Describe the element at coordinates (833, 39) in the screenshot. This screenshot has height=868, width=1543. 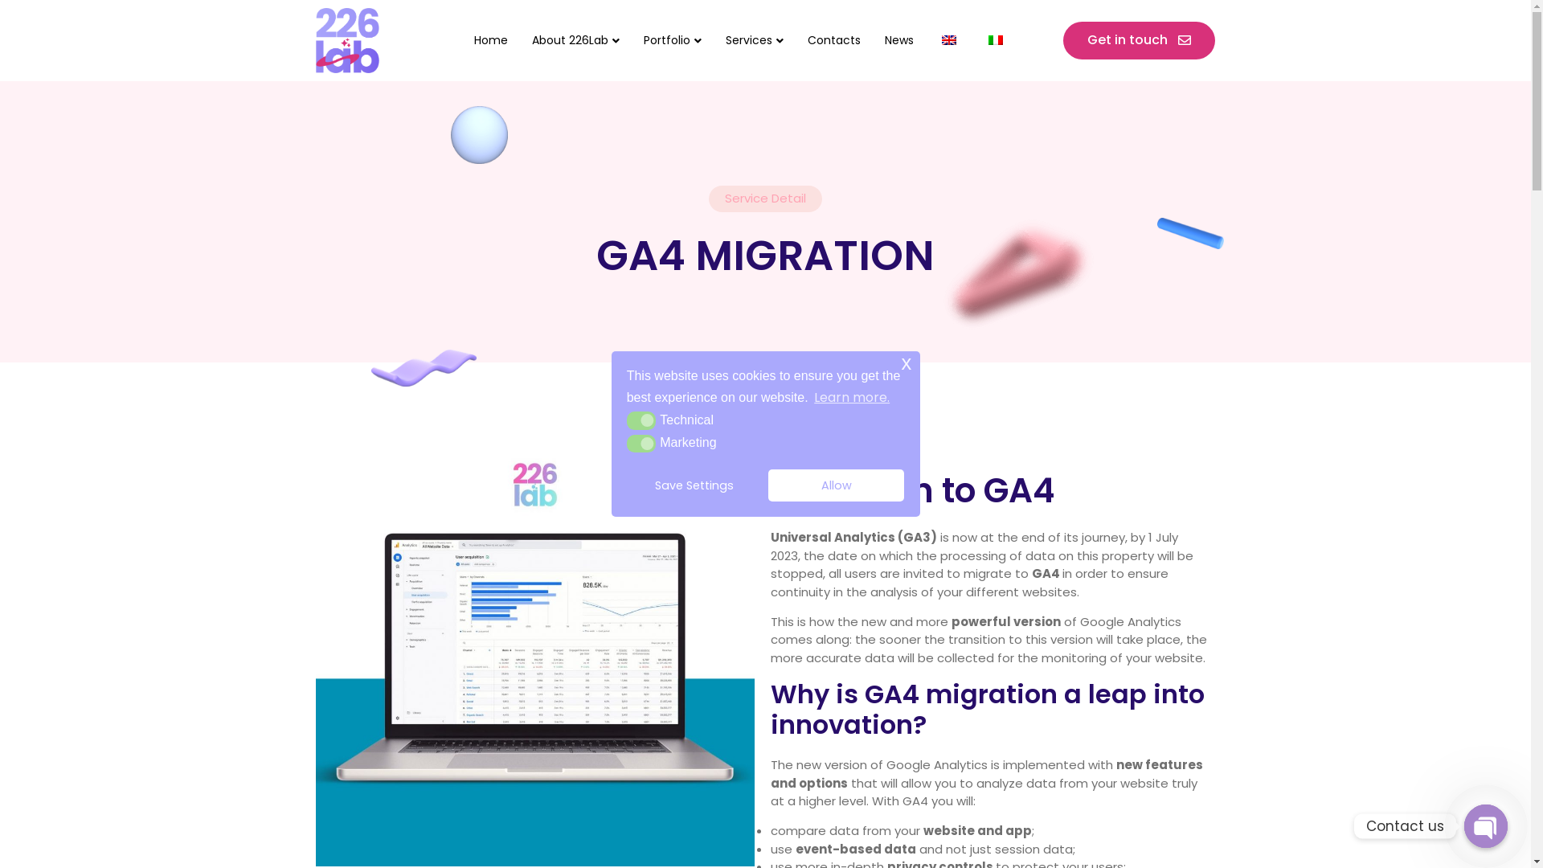
I see `'Contacts'` at that location.